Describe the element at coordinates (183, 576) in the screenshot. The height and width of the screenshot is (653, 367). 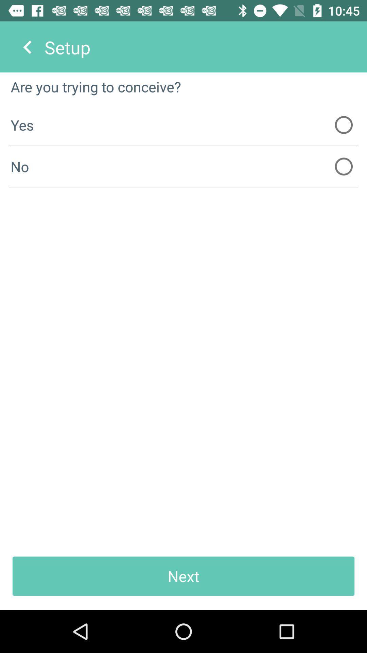
I see `the next` at that location.